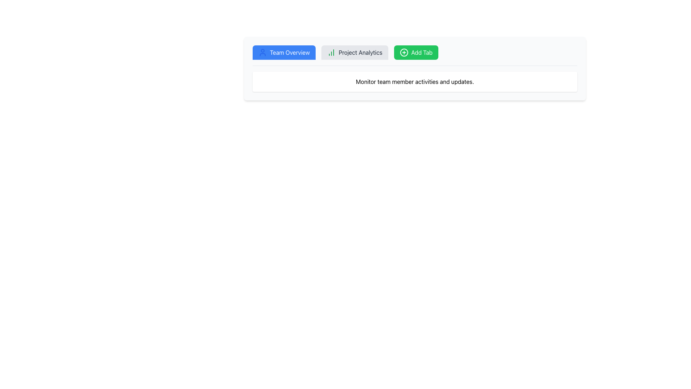 Image resolution: width=691 pixels, height=389 pixels. Describe the element at coordinates (416, 52) in the screenshot. I see `the 'Add Tab' button located at the rightmost position in the top navigation section of the interface` at that location.